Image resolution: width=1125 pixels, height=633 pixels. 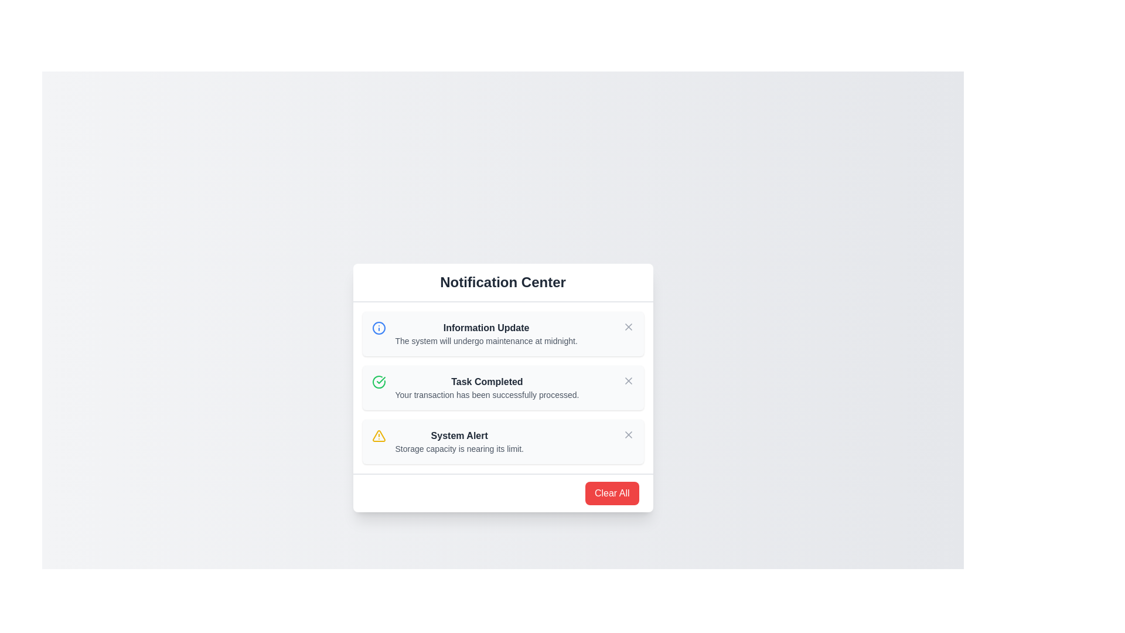 What do you see at coordinates (459, 436) in the screenshot?
I see `text label that serves as the title for the notification, located in the middle segment of a list within the notification panel, above the message 'Storage capacity is nearing its limit.'` at bounding box center [459, 436].